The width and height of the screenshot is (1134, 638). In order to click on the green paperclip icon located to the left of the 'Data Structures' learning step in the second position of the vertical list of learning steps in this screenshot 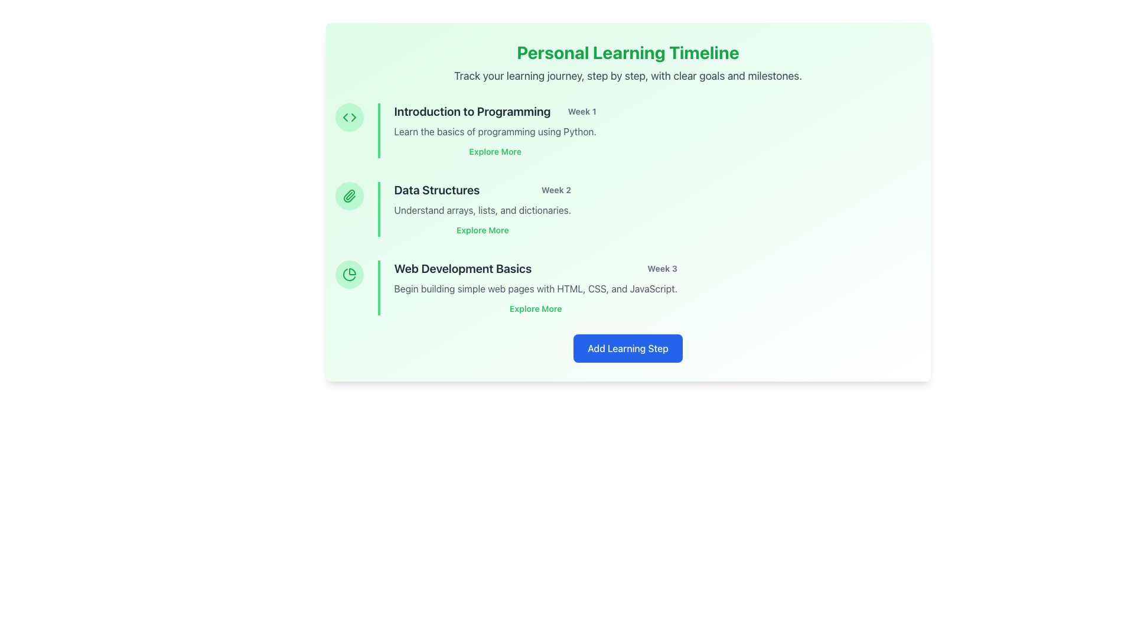, I will do `click(348, 195)`.